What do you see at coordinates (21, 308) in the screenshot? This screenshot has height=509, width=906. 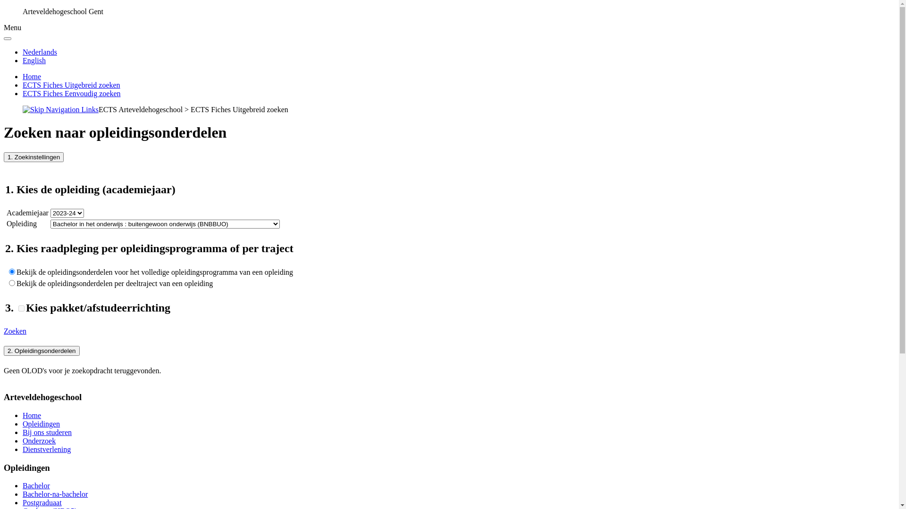 I see `'on'` at bounding box center [21, 308].